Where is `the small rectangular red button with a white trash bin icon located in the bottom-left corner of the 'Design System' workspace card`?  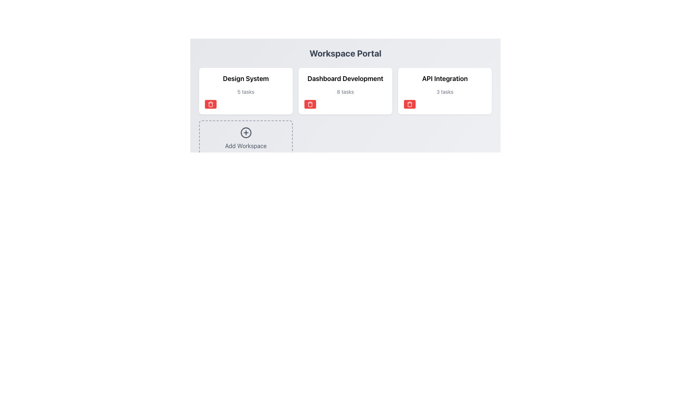
the small rectangular red button with a white trash bin icon located in the bottom-left corner of the 'Design System' workspace card is located at coordinates (210, 104).